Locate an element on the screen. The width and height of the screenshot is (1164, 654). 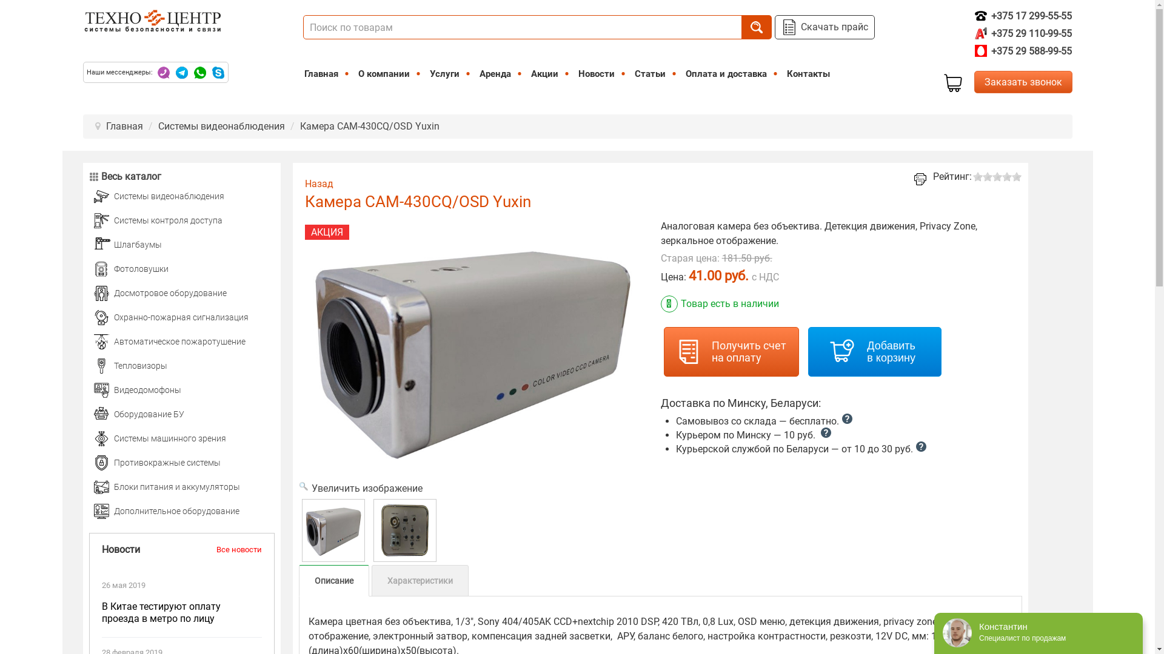
'+375 29 110-99-55' is located at coordinates (1023, 33).